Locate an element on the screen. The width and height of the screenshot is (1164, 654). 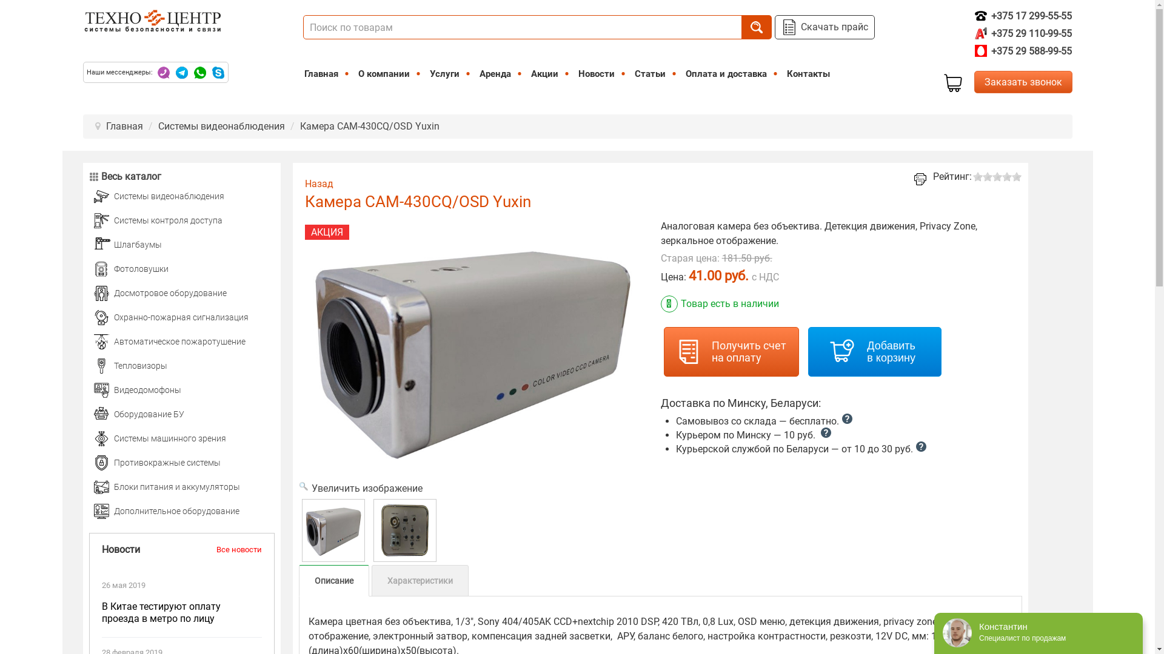
'+375 29 110-99-55' is located at coordinates (1023, 33).